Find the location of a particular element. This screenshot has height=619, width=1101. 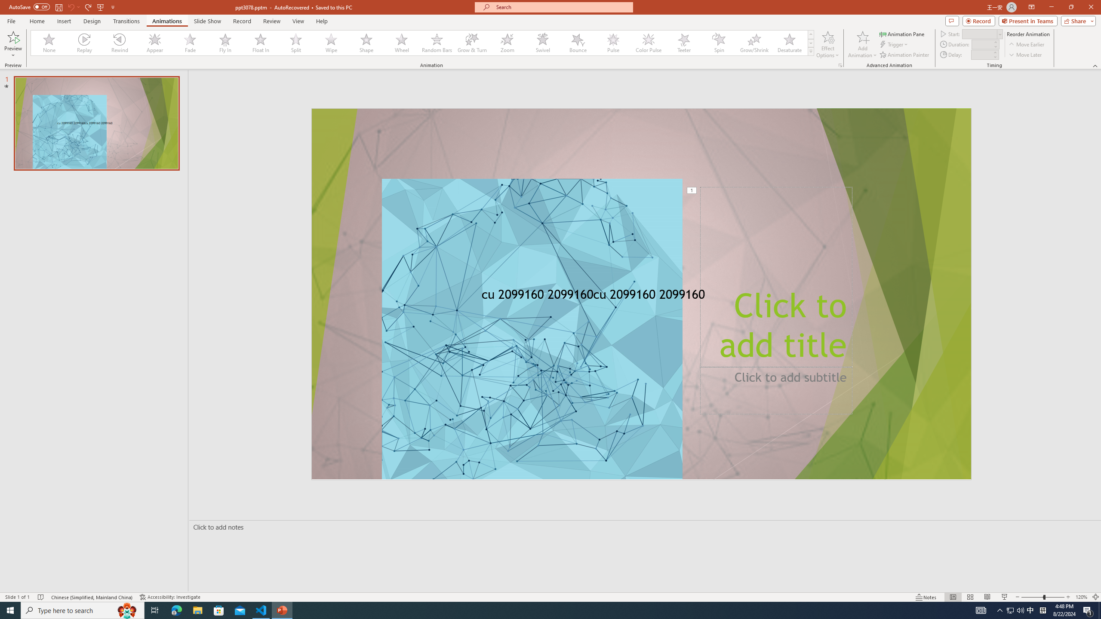

'Move Later' is located at coordinates (1025, 55).